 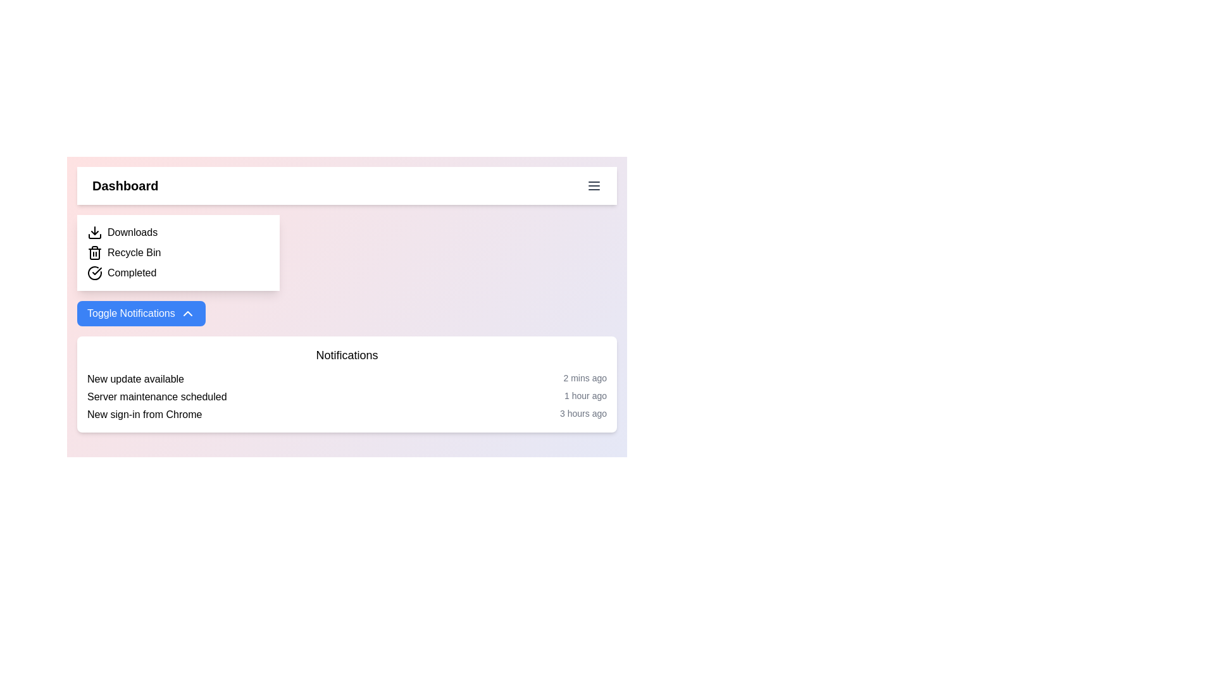 What do you see at coordinates (94, 232) in the screenshot?
I see `the downward arrow SVG icon located to the left of the 'Downloads' label in the top-left segment of the menu beneath the 'Dashboard' title` at bounding box center [94, 232].